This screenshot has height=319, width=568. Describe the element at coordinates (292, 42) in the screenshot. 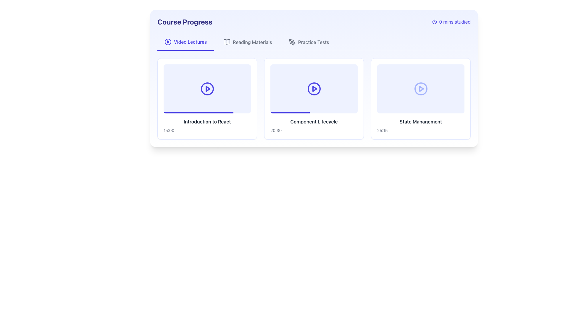

I see `the 'Practice Tests' icon in the top navigation bar` at that location.